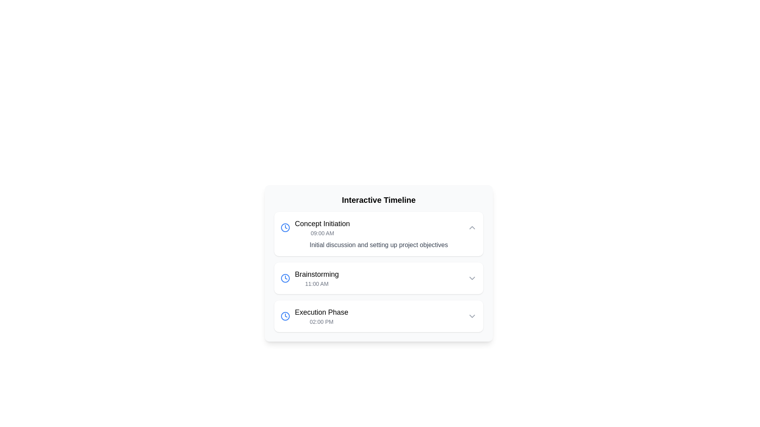 Image resolution: width=760 pixels, height=427 pixels. What do you see at coordinates (317, 278) in the screenshot?
I see `the text label displaying 'Brainstorming' and '11:00 AM', which is the second item in the timeline interface, positioned between 'Concept Initiation' and 'Execution Phase'` at bounding box center [317, 278].